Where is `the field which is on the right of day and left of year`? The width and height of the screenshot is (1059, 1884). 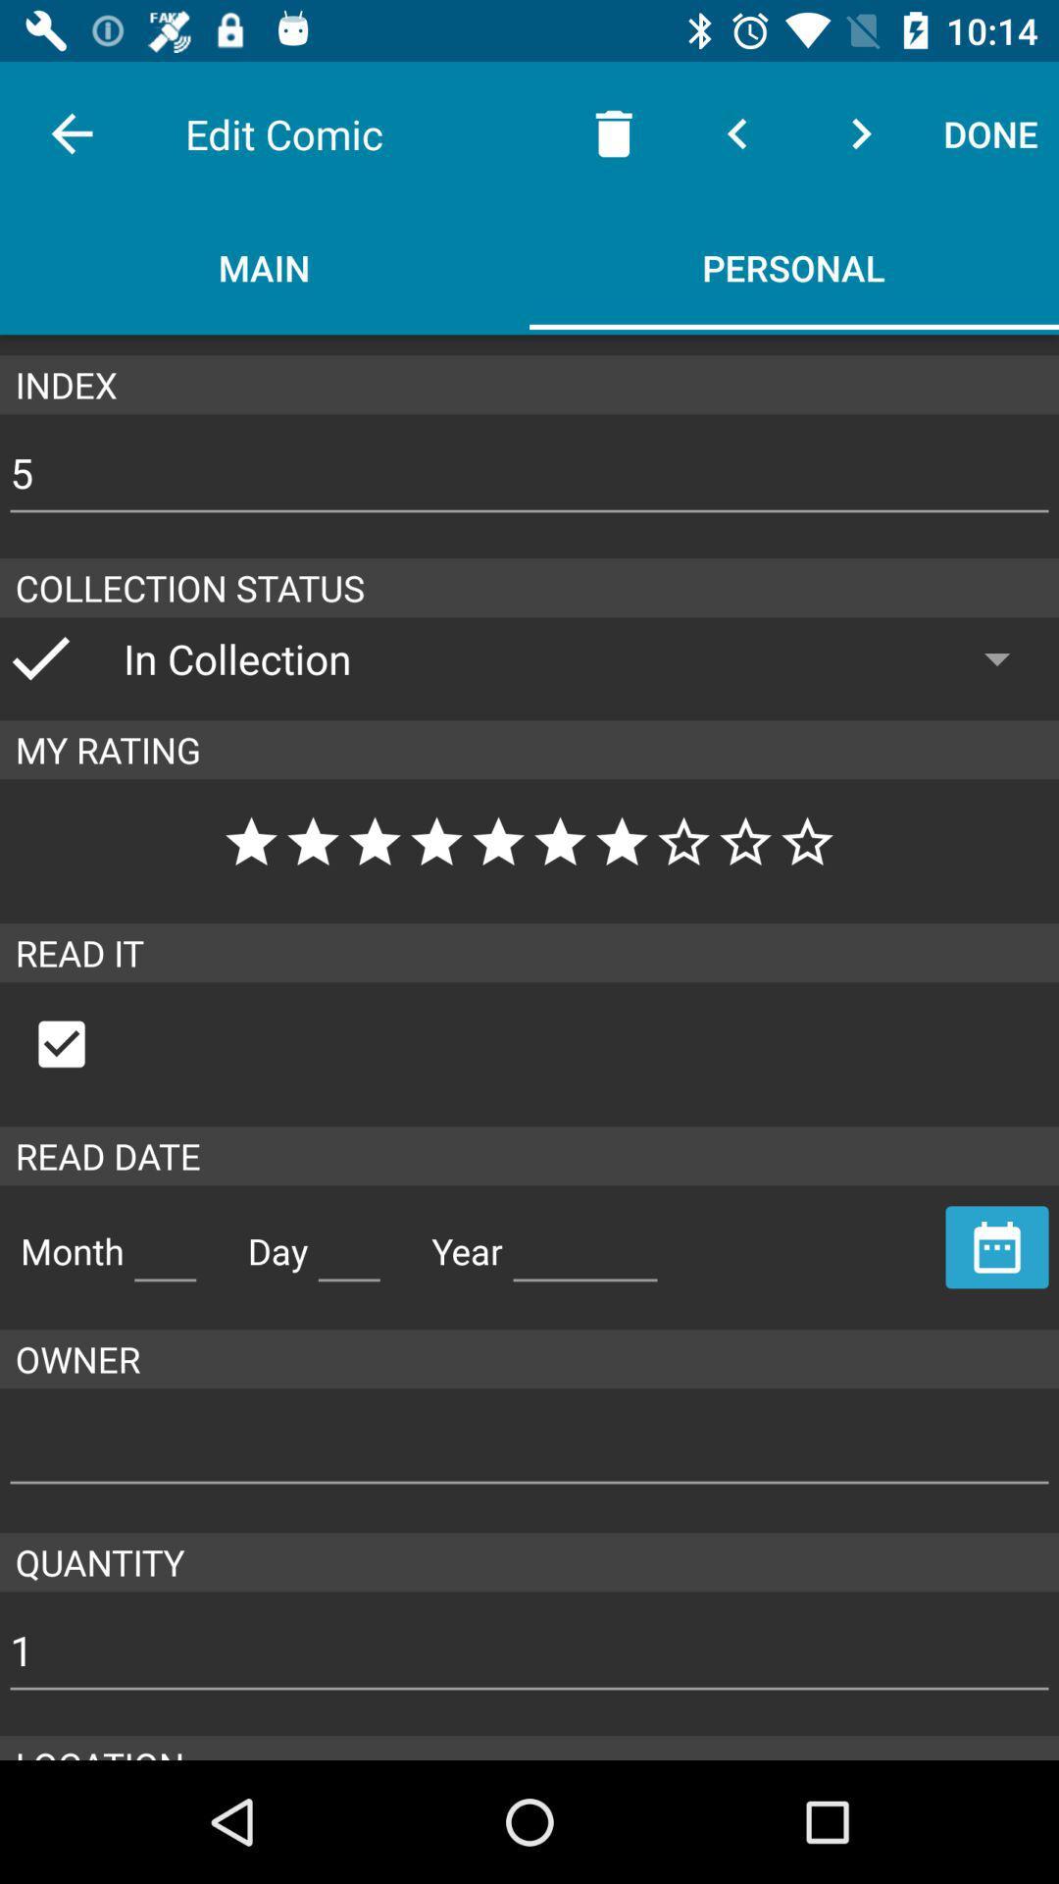
the field which is on the right of day and left of year is located at coordinates (347, 1242).